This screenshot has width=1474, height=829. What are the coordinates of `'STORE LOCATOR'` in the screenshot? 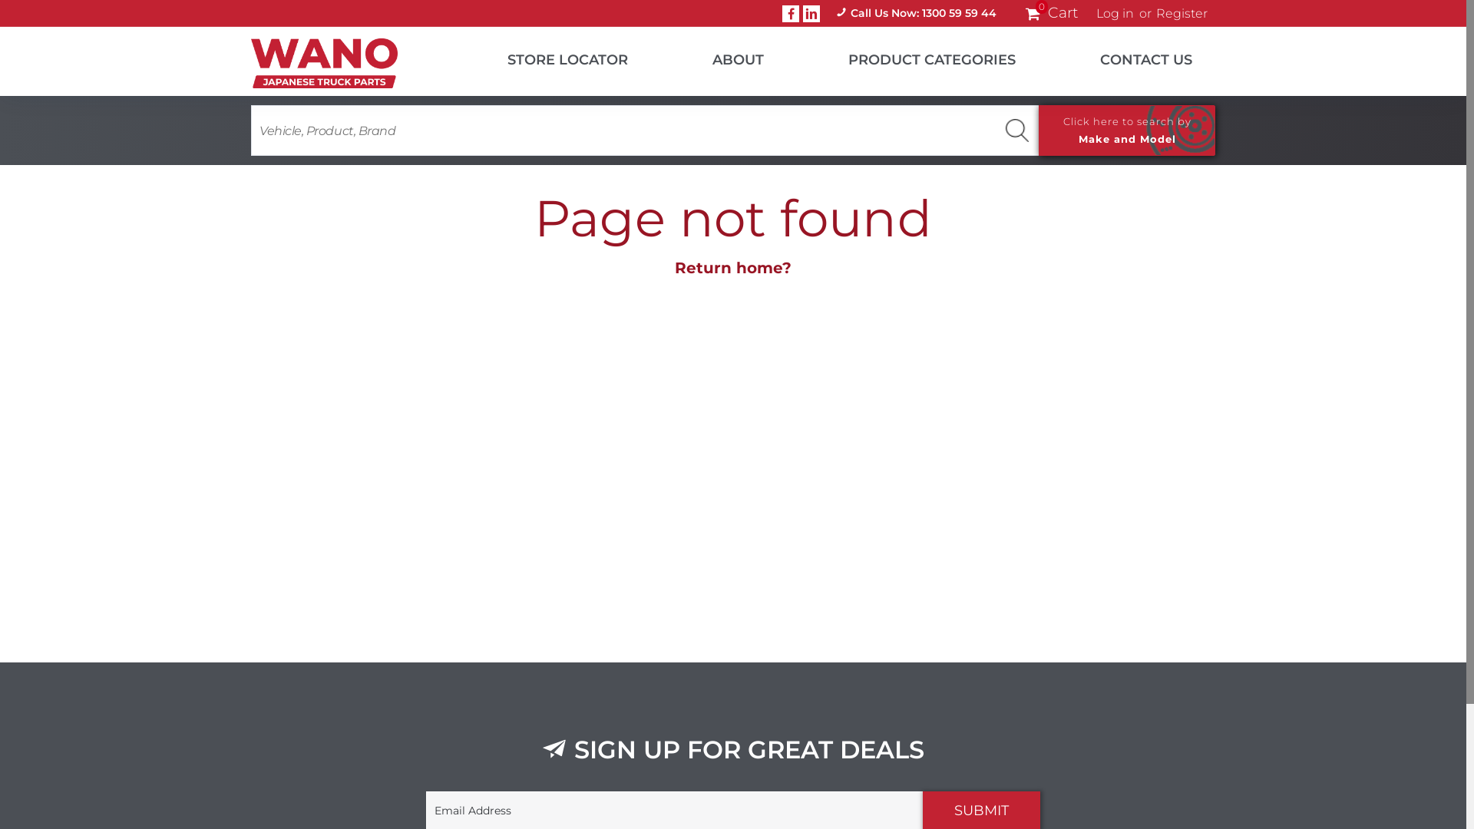 It's located at (548, 55).